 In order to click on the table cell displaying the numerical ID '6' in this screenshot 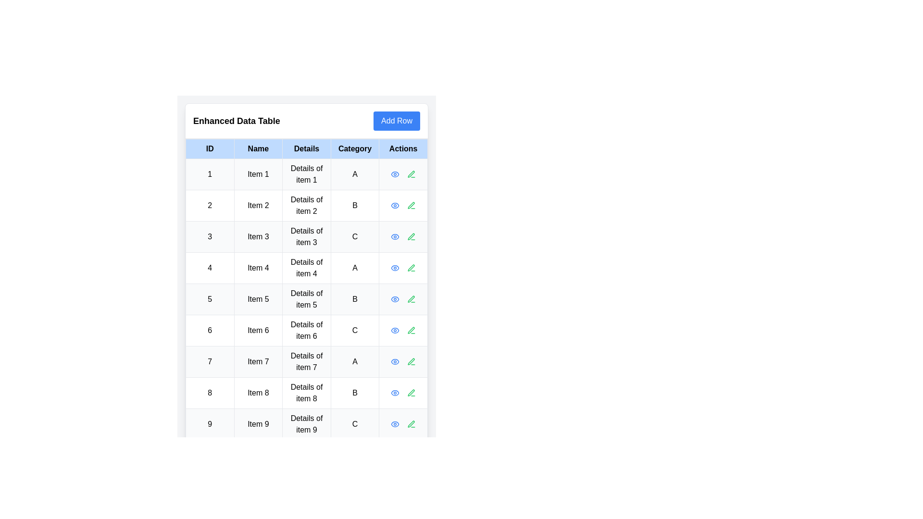, I will do `click(209, 330)`.